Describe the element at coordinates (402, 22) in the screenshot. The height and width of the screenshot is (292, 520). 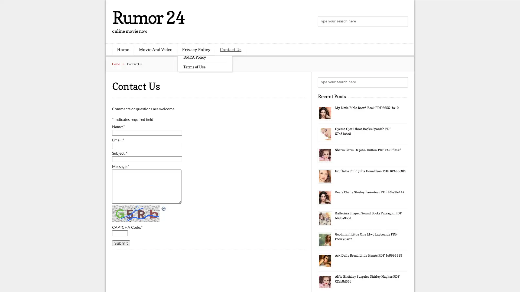
I see `Search` at that location.